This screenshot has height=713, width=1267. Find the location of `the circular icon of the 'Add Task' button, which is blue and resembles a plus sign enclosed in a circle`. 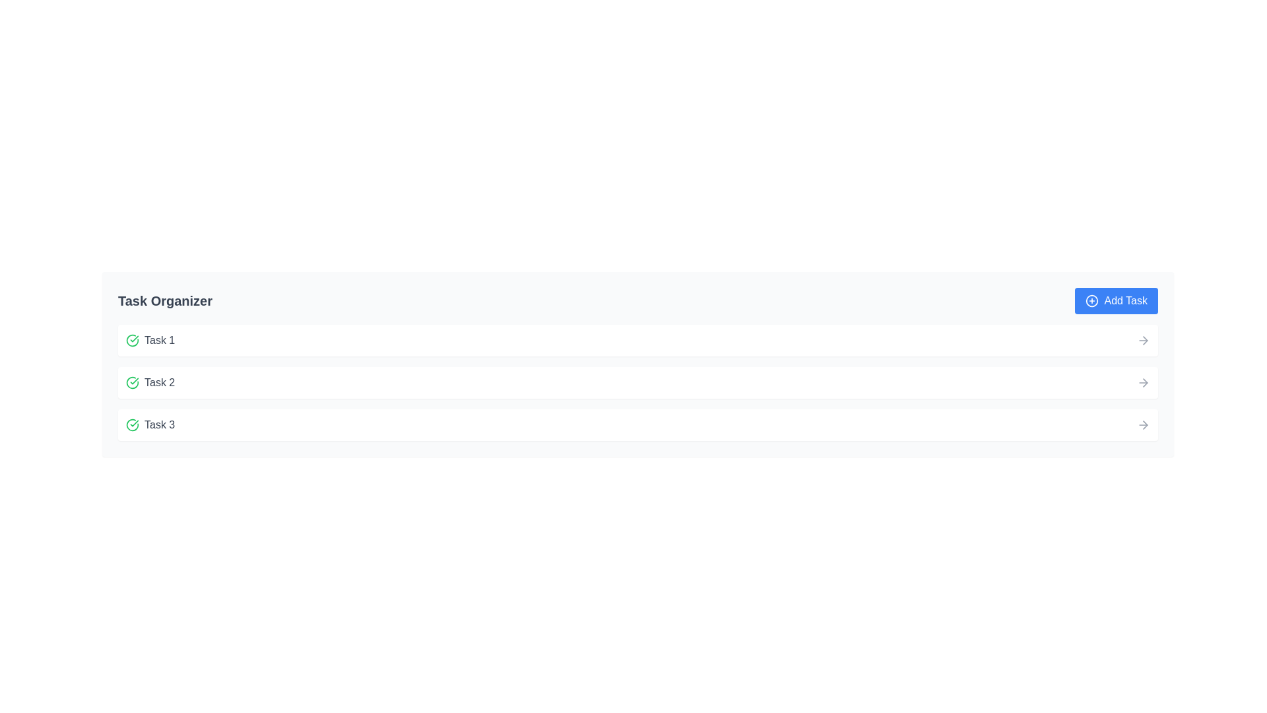

the circular icon of the 'Add Task' button, which is blue and resembles a plus sign enclosed in a circle is located at coordinates (1092, 300).